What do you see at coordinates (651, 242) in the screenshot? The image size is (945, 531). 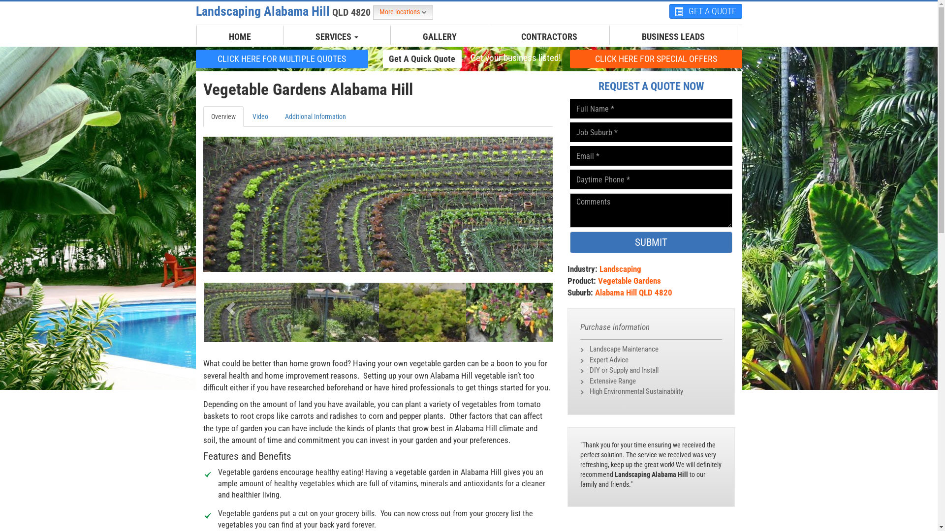 I see `'SUBMIT'` at bounding box center [651, 242].